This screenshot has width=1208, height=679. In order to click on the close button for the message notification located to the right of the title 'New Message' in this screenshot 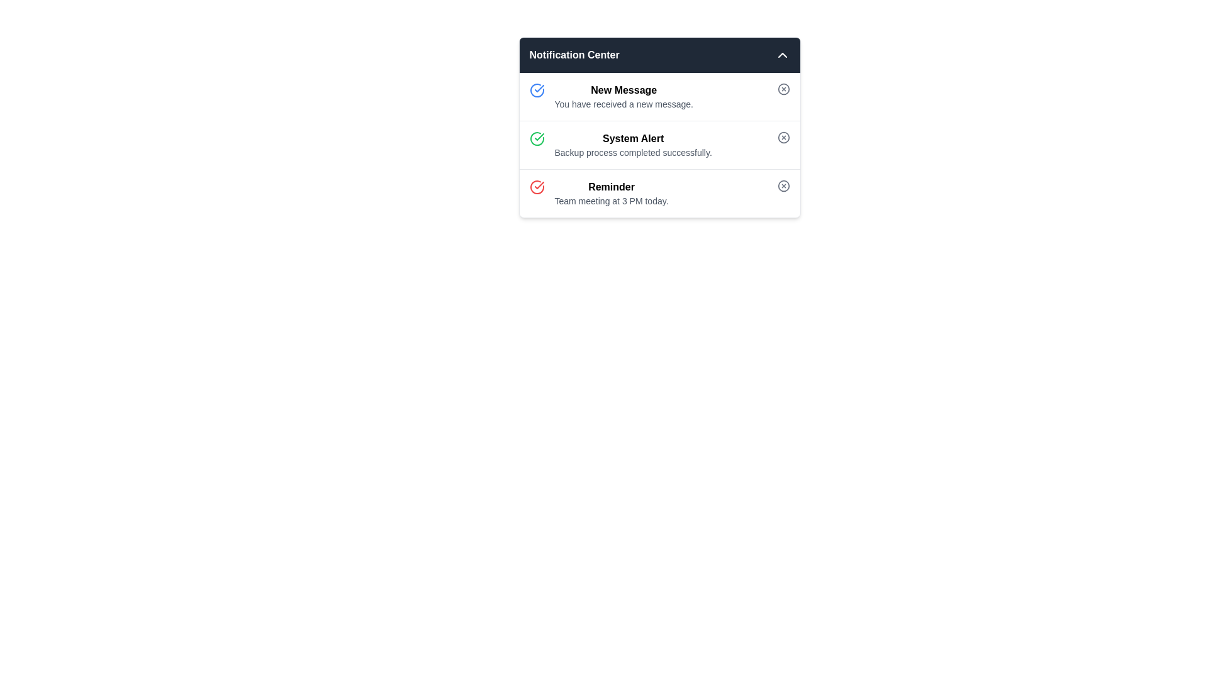, I will do `click(783, 89)`.